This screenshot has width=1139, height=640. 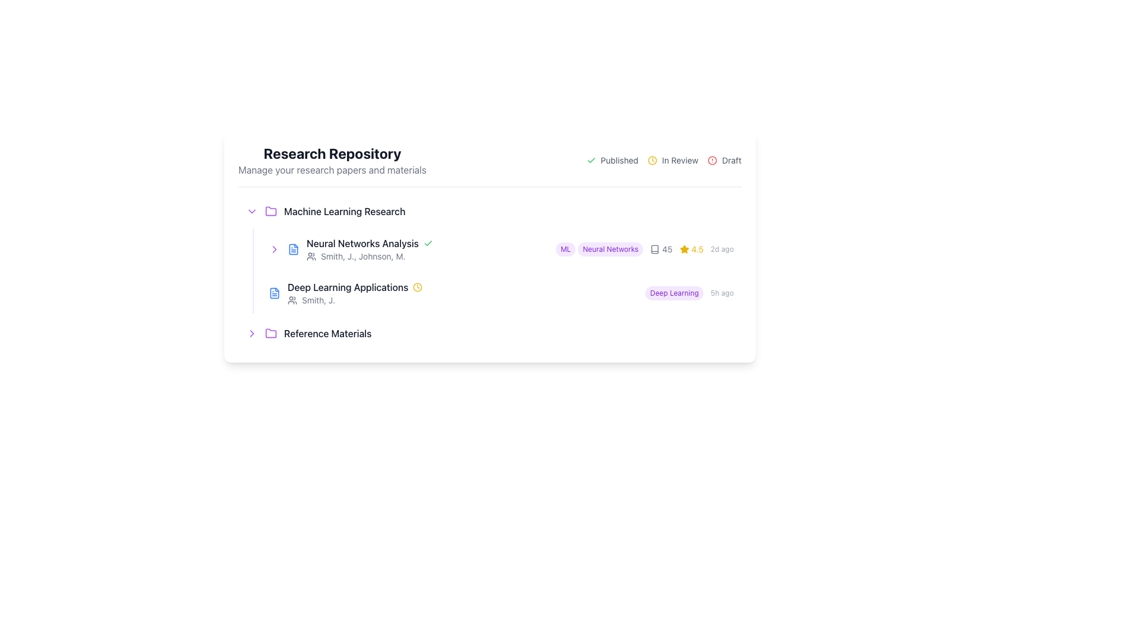 What do you see at coordinates (591, 160) in the screenshot?
I see `the visual indicator icon that denotes an item has been marked 'Published', located immediately before the text 'Published' in the top-right of the interface` at bounding box center [591, 160].